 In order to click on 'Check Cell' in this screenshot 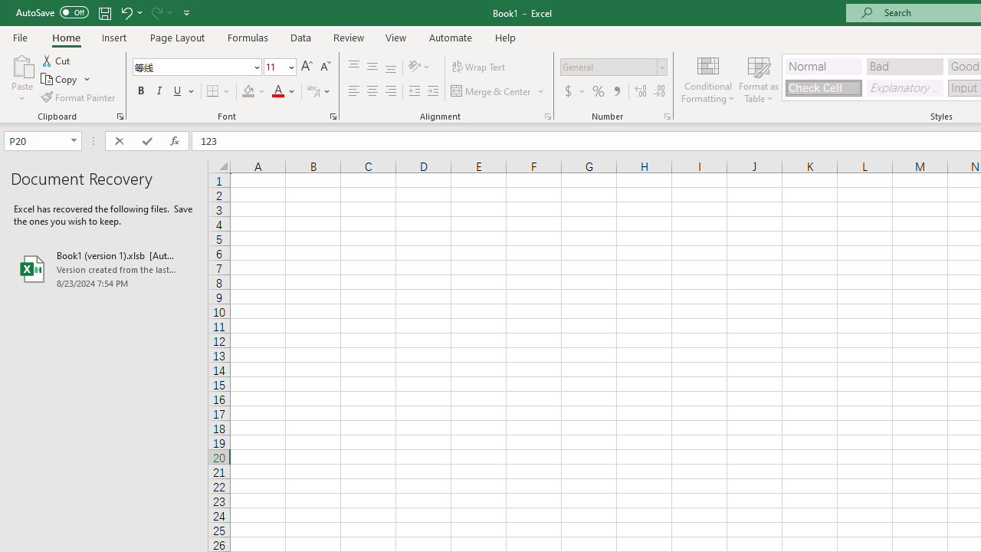, I will do `click(822, 87)`.